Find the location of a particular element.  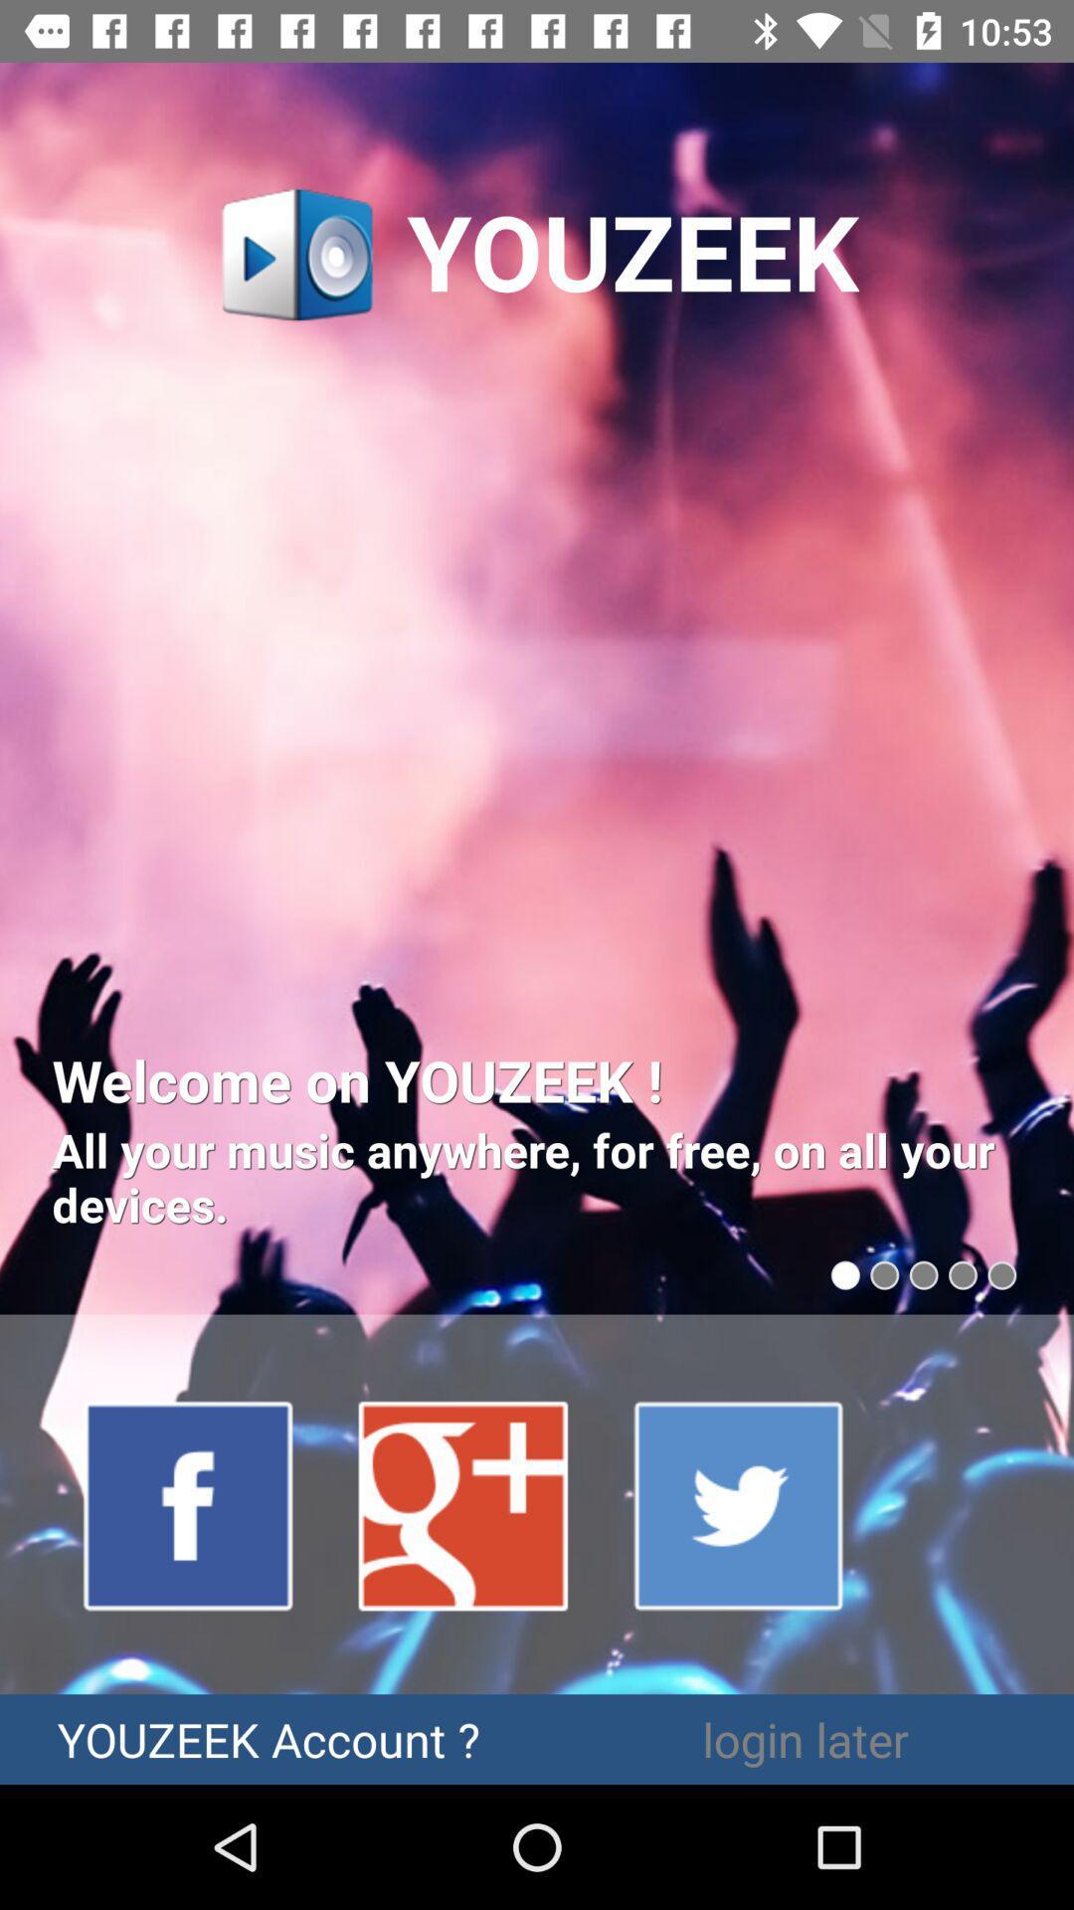

use facebook account is located at coordinates (189, 1504).